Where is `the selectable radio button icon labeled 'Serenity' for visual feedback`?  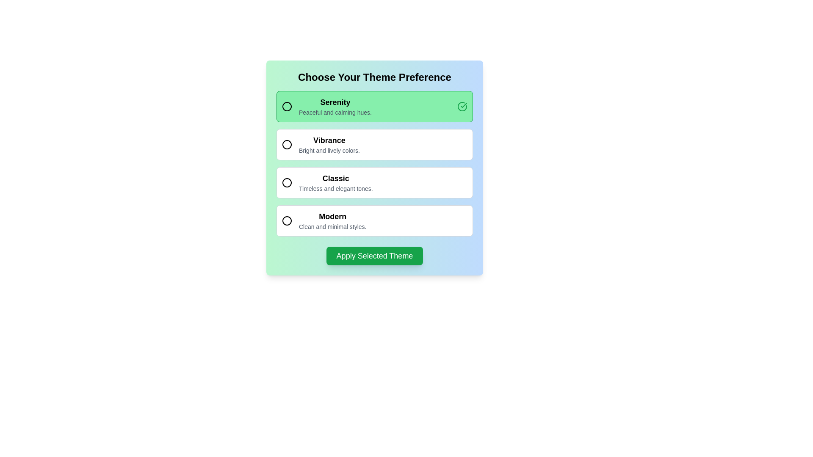
the selectable radio button icon labeled 'Serenity' for visual feedback is located at coordinates (287, 106).